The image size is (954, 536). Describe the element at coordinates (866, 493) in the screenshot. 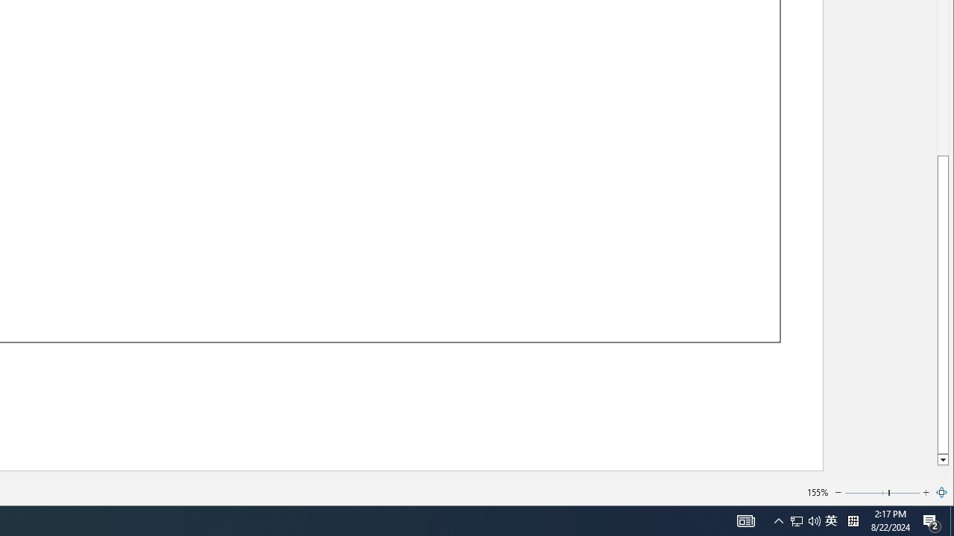

I see `'Page left'` at that location.